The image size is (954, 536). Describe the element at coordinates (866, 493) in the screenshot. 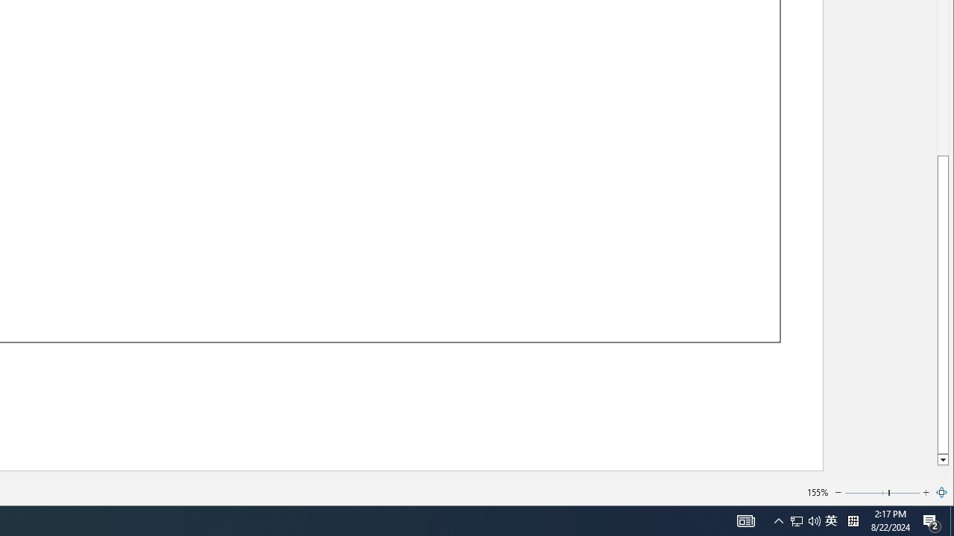

I see `'Page left'` at that location.